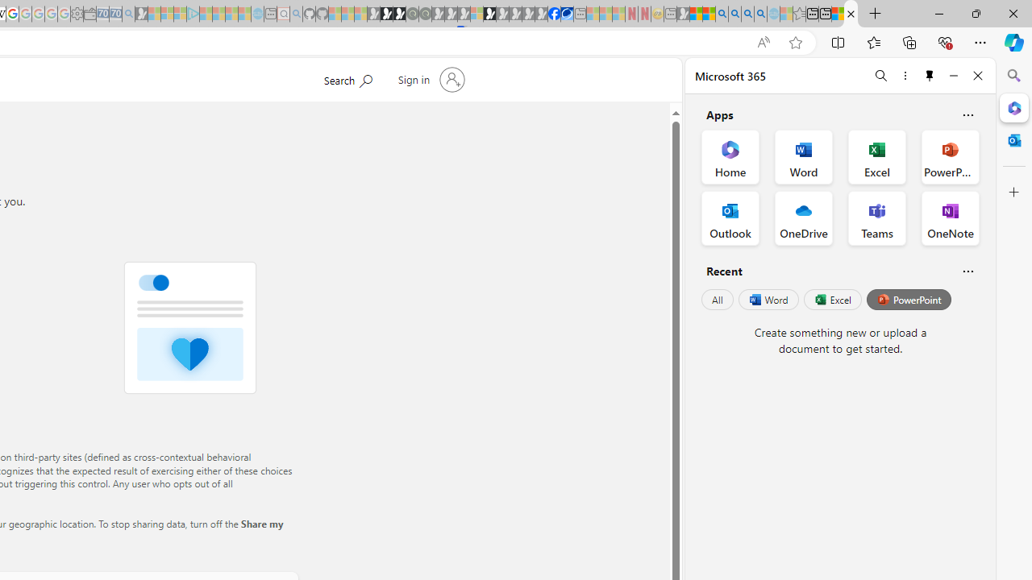  I want to click on 'Cheap Car Rentals - Save70.com - Sleeping', so click(114, 14).